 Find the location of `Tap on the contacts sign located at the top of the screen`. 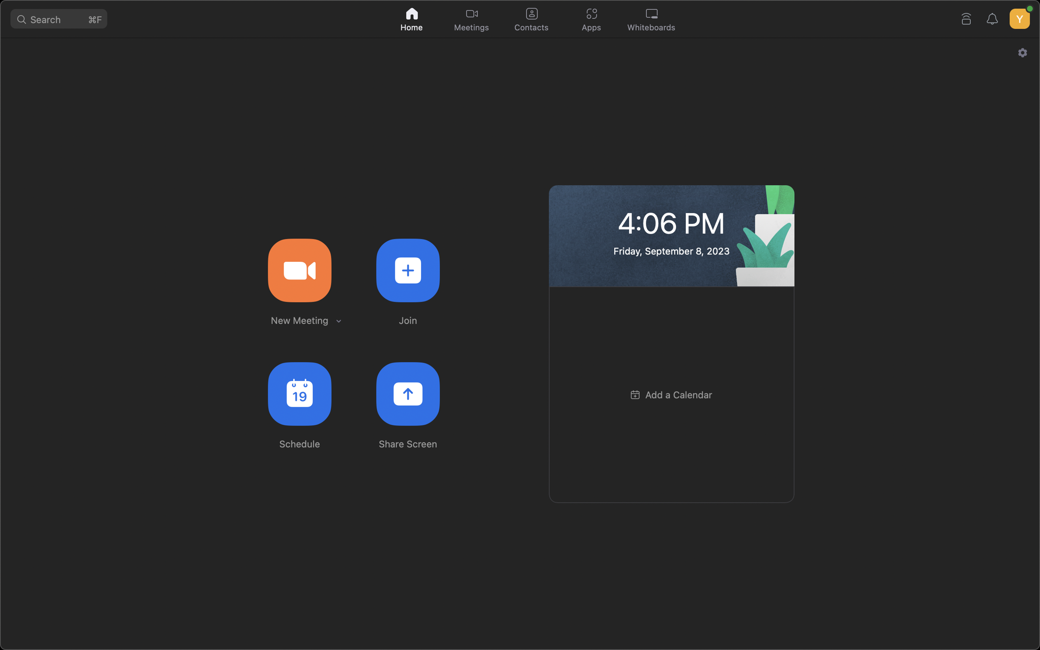

Tap on the contacts sign located at the top of the screen is located at coordinates (530, 18).